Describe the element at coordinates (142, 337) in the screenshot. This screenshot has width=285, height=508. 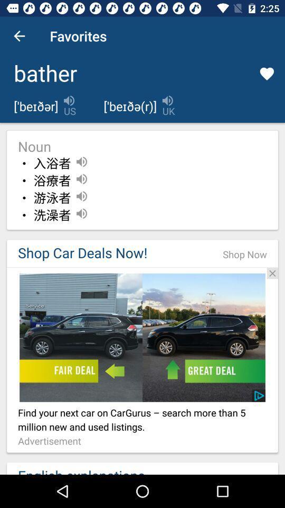
I see `open car deal advertisement` at that location.